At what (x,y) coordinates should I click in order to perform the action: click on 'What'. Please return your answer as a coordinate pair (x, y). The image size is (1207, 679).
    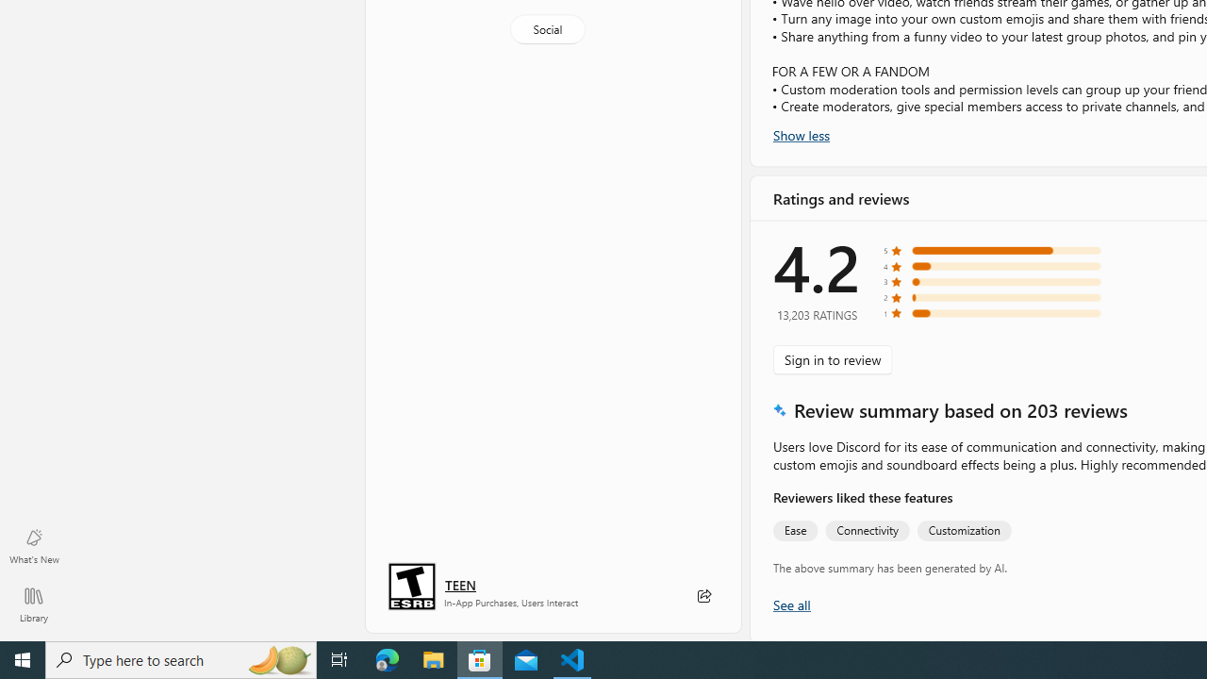
    Looking at the image, I should click on (33, 545).